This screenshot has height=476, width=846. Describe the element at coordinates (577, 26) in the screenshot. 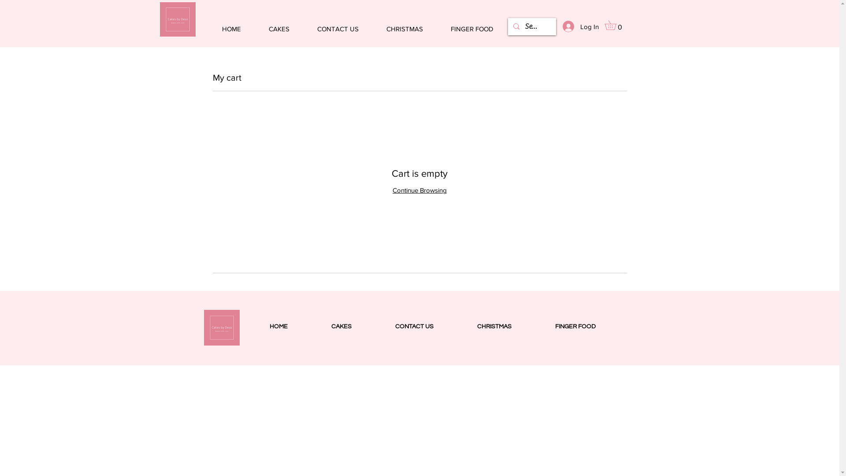

I see `'Log In'` at that location.